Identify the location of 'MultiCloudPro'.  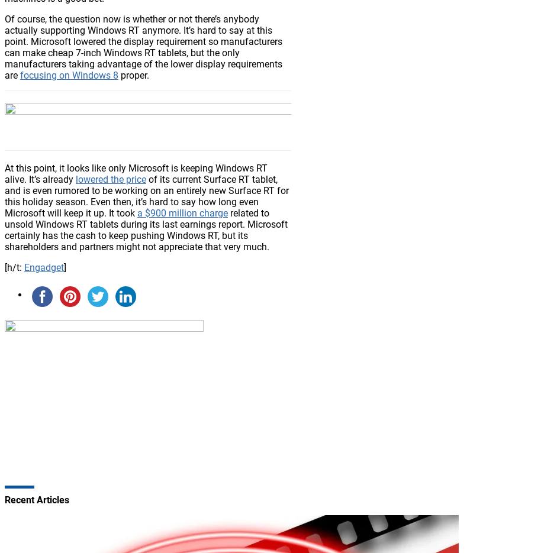
(82, 84).